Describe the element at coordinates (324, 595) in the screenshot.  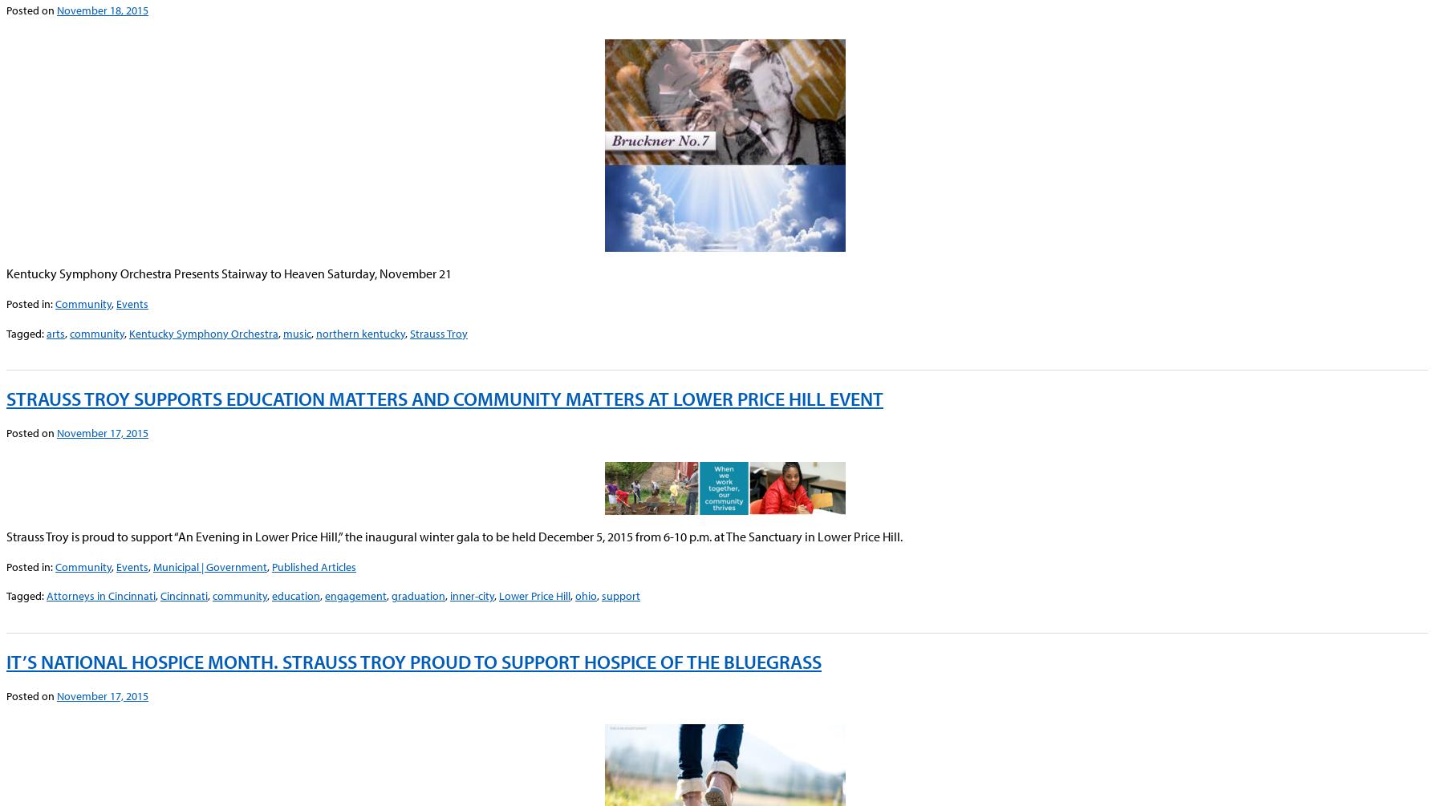
I see `'engagement'` at that location.